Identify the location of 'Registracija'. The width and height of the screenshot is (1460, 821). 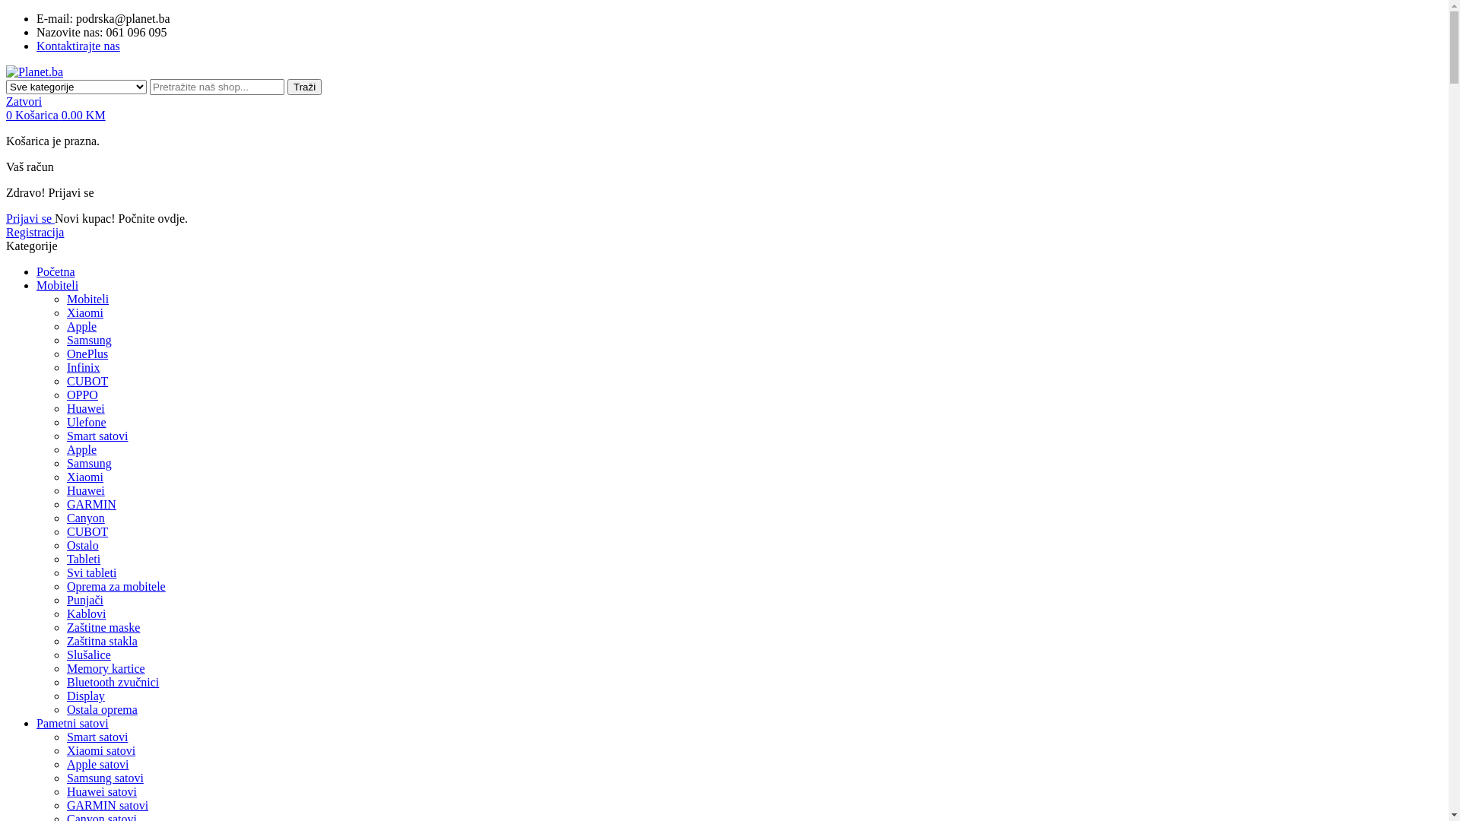
(35, 232).